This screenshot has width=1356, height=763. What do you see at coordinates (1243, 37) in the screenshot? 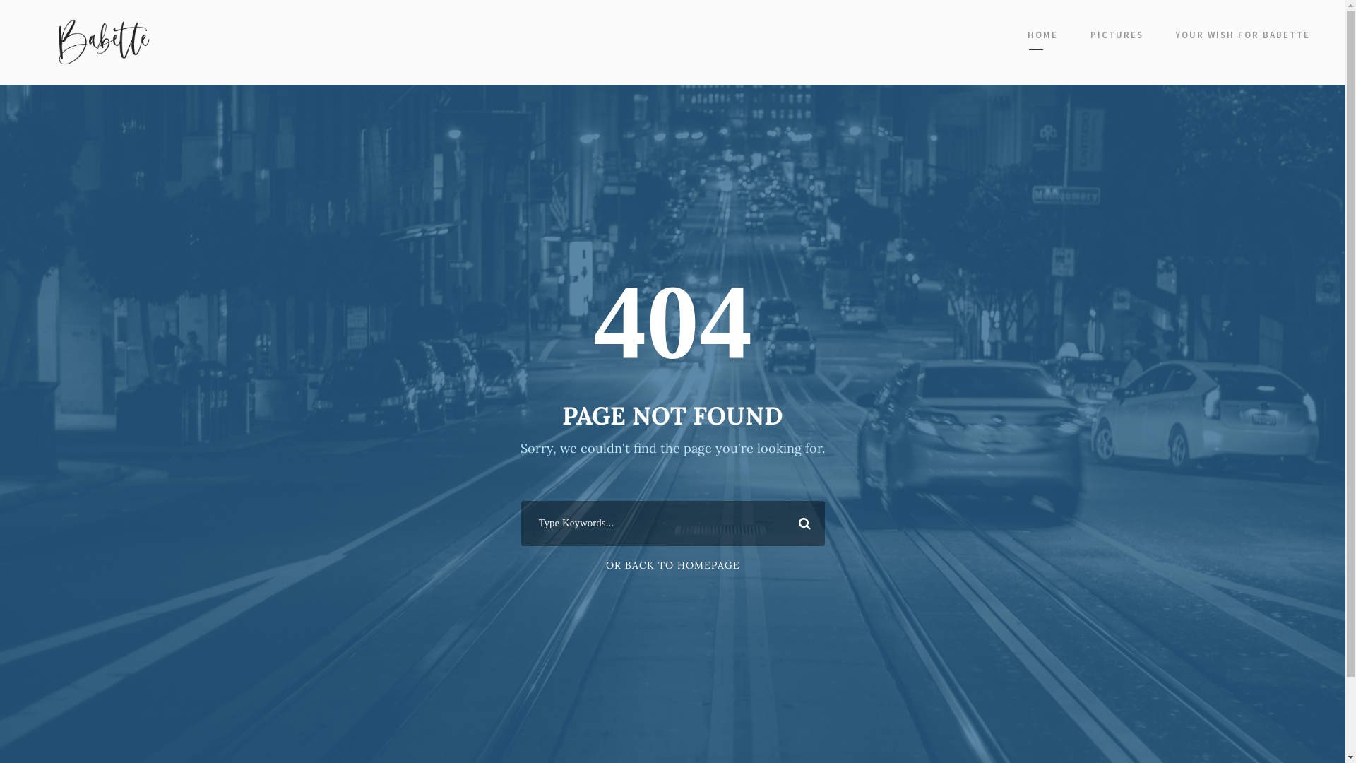
I see `'YOUR WISH FOR BABETTE'` at bounding box center [1243, 37].